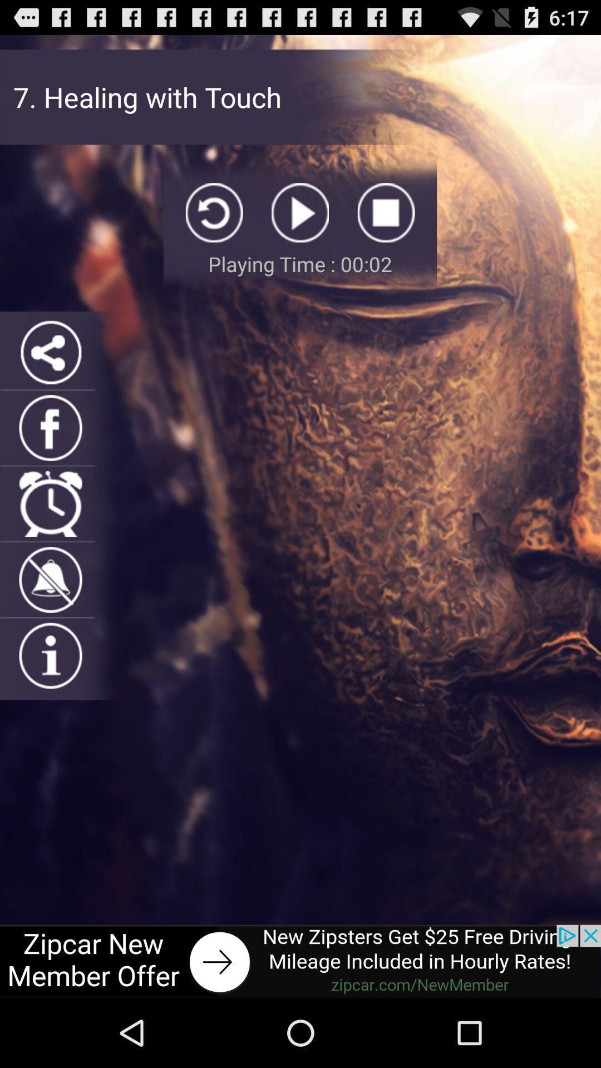 The image size is (601, 1068). What do you see at coordinates (51, 427) in the screenshot?
I see `share on facebook` at bounding box center [51, 427].